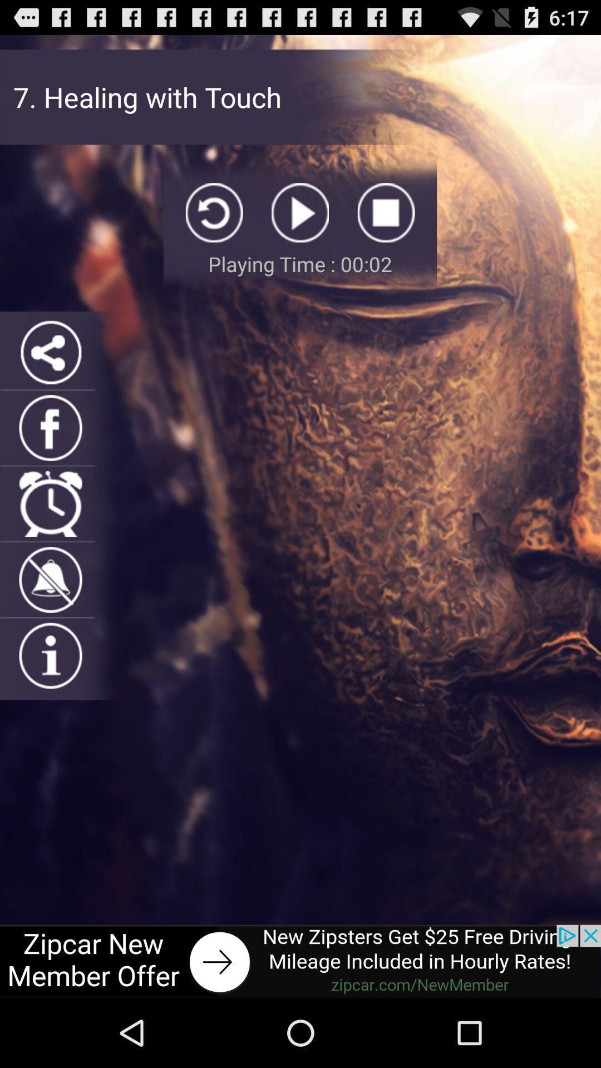 The image size is (601, 1068). What do you see at coordinates (51, 427) in the screenshot?
I see `share on facebook` at bounding box center [51, 427].